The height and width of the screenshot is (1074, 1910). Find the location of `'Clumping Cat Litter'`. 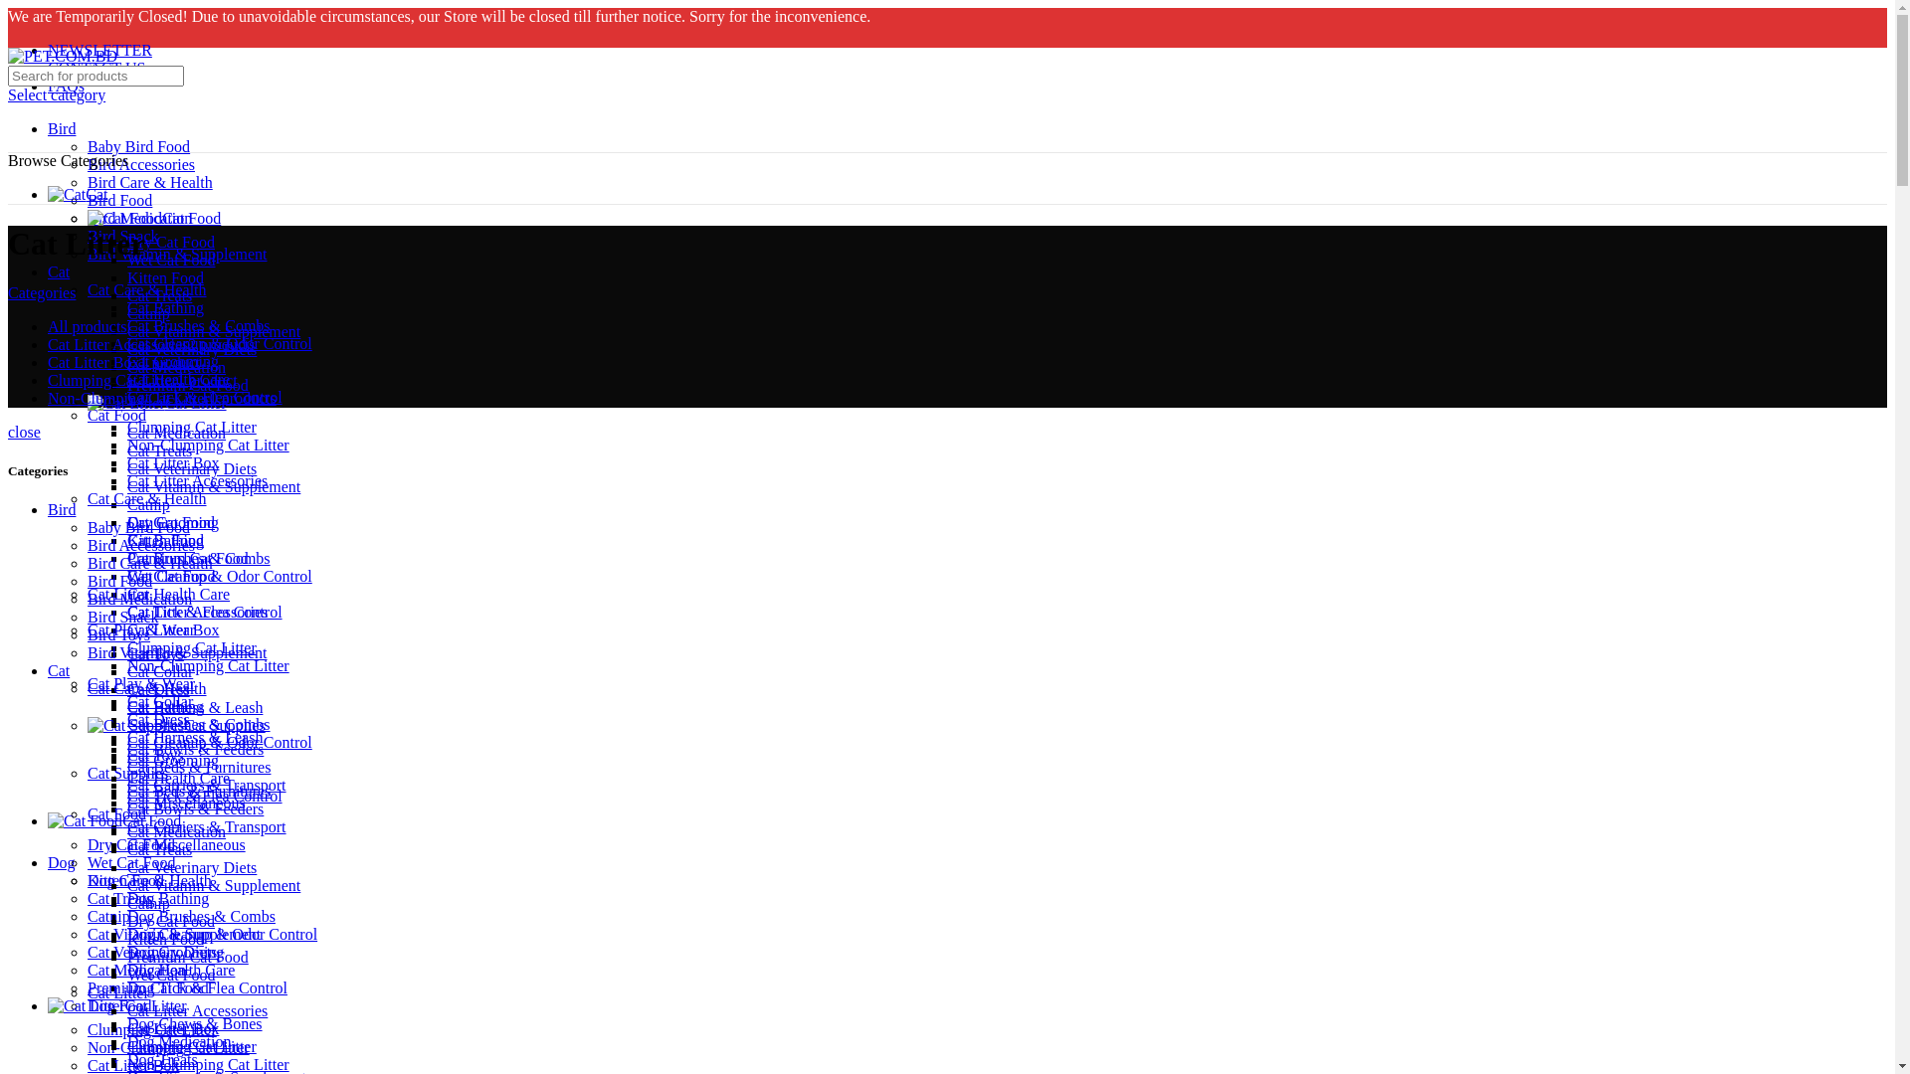

'Clumping Cat Litter' is located at coordinates (151, 1029).